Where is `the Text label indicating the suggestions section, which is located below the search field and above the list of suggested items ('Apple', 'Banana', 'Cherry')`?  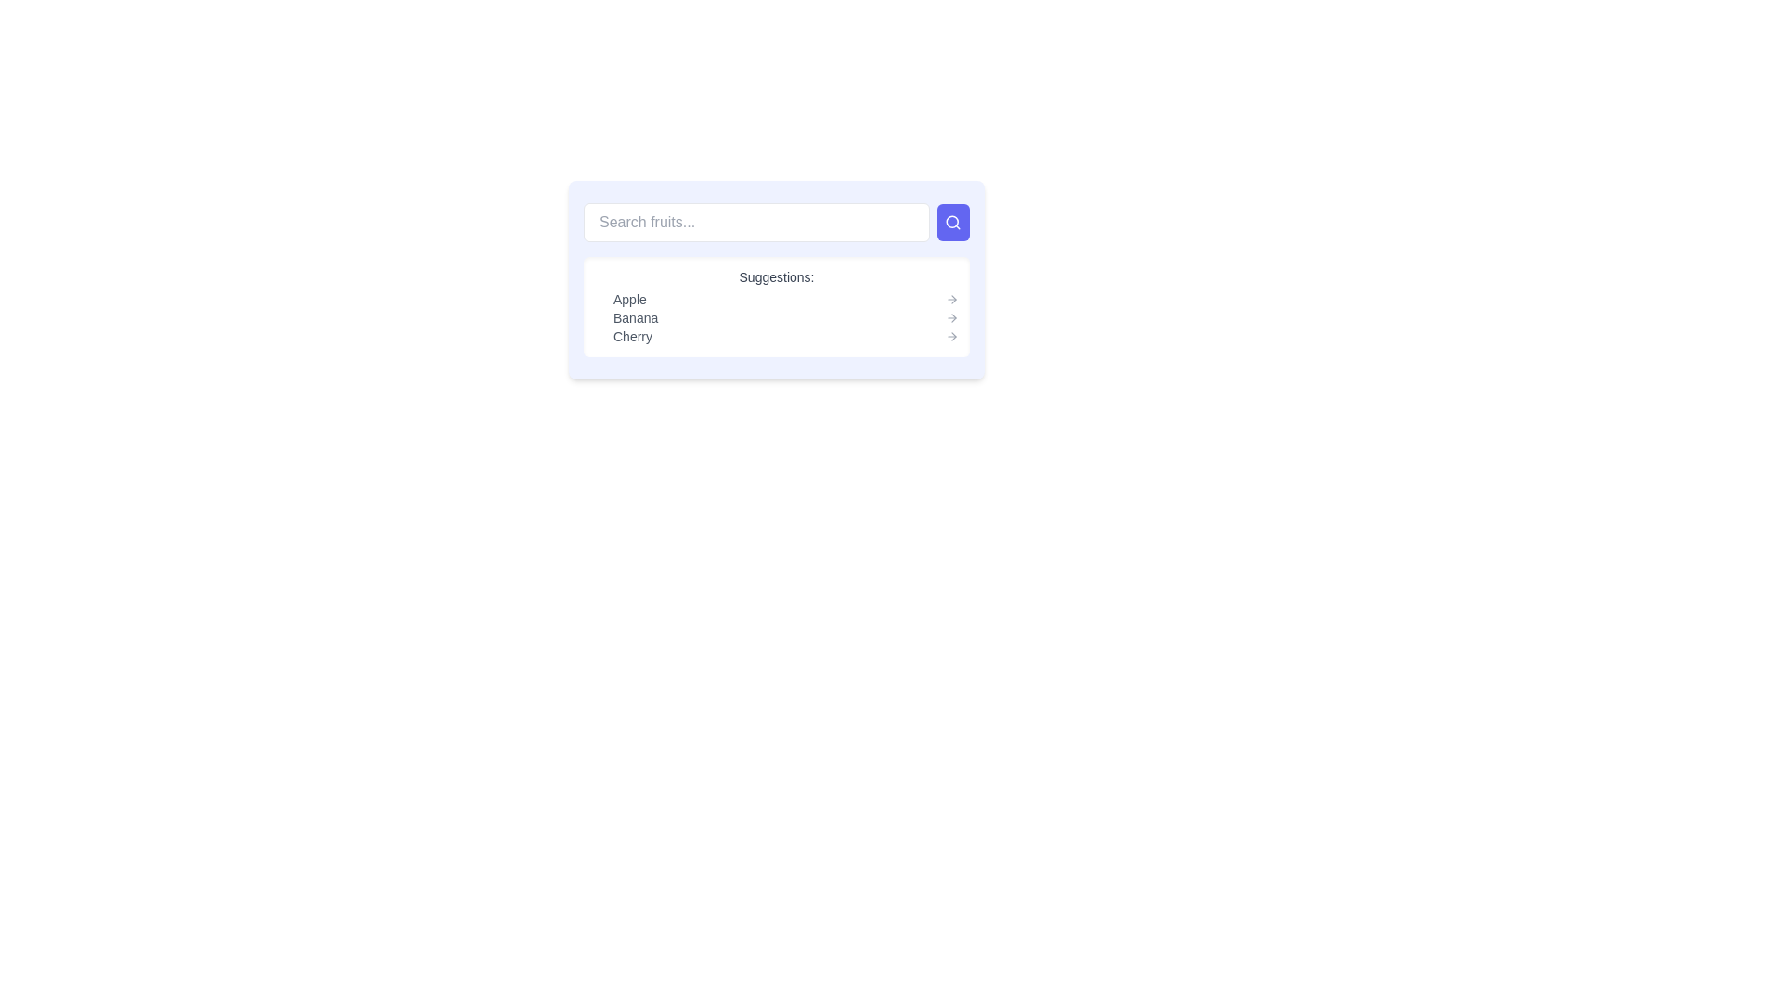
the Text label indicating the suggestions section, which is located below the search field and above the list of suggested items ('Apple', 'Banana', 'Cherry') is located at coordinates (776, 279).